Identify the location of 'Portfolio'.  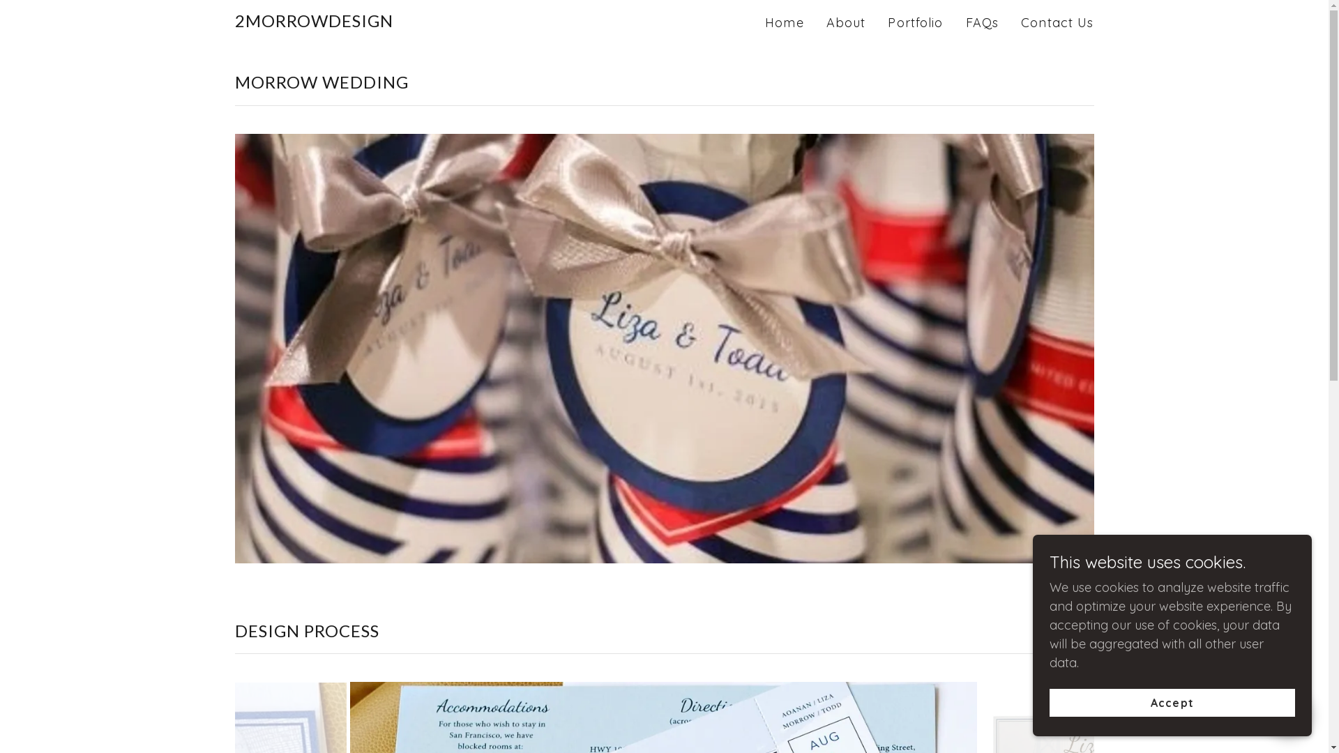
(915, 23).